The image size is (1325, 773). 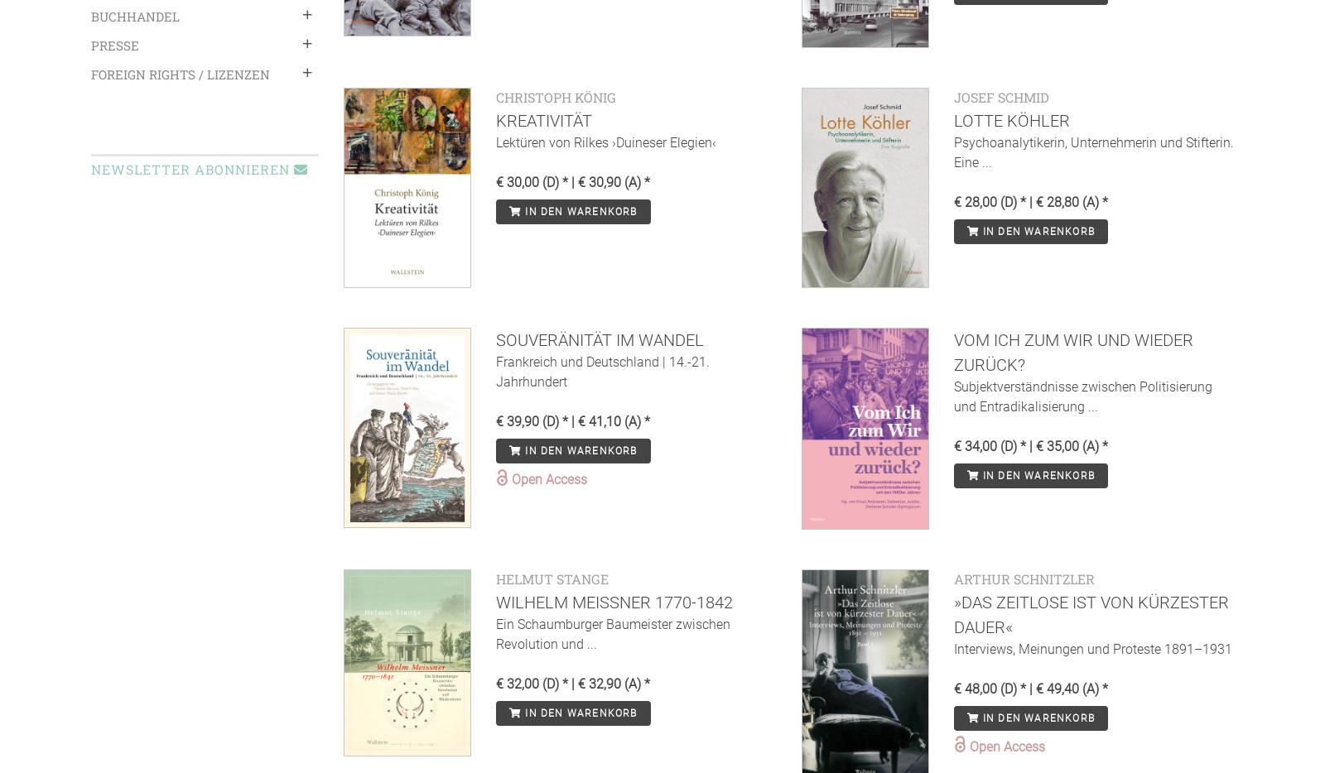 I want to click on 'Arthur Schnitzler', so click(x=953, y=577).